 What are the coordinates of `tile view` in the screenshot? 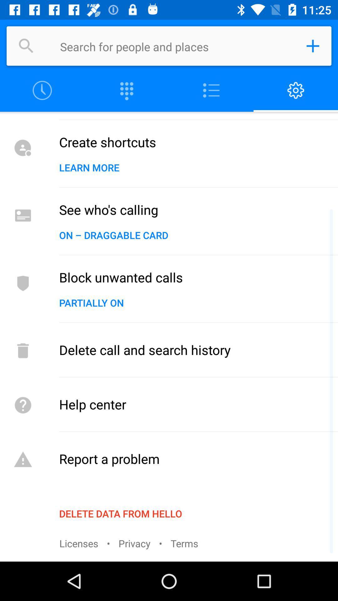 It's located at (127, 90).